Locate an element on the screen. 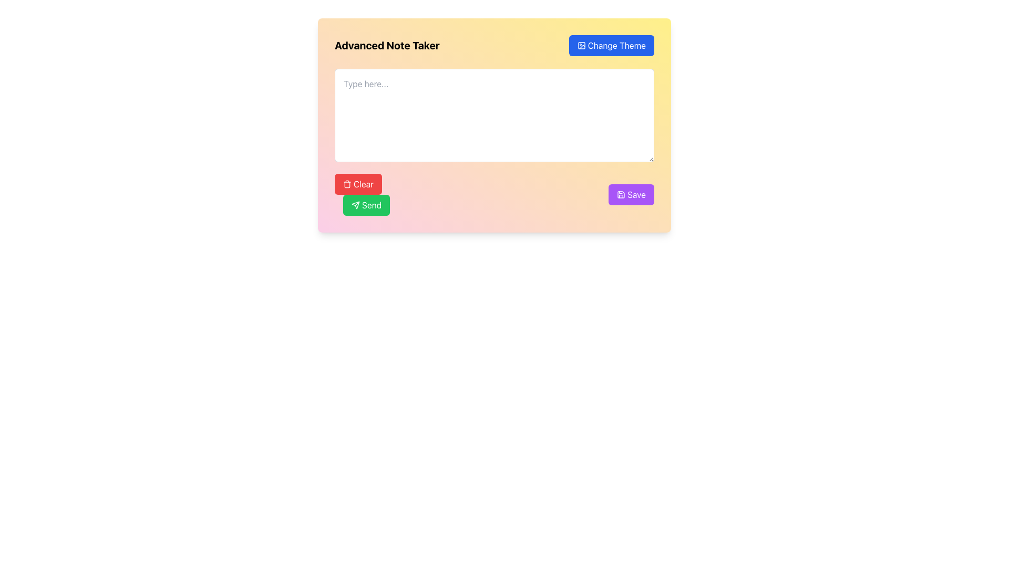  the purple 'Save' button with rounded corners is located at coordinates (631, 194).